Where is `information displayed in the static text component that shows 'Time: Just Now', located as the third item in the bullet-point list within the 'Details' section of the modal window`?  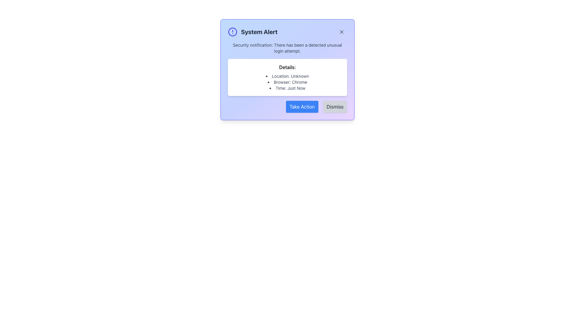 information displayed in the static text component that shows 'Time: Just Now', located as the third item in the bullet-point list within the 'Details' section of the modal window is located at coordinates (287, 88).